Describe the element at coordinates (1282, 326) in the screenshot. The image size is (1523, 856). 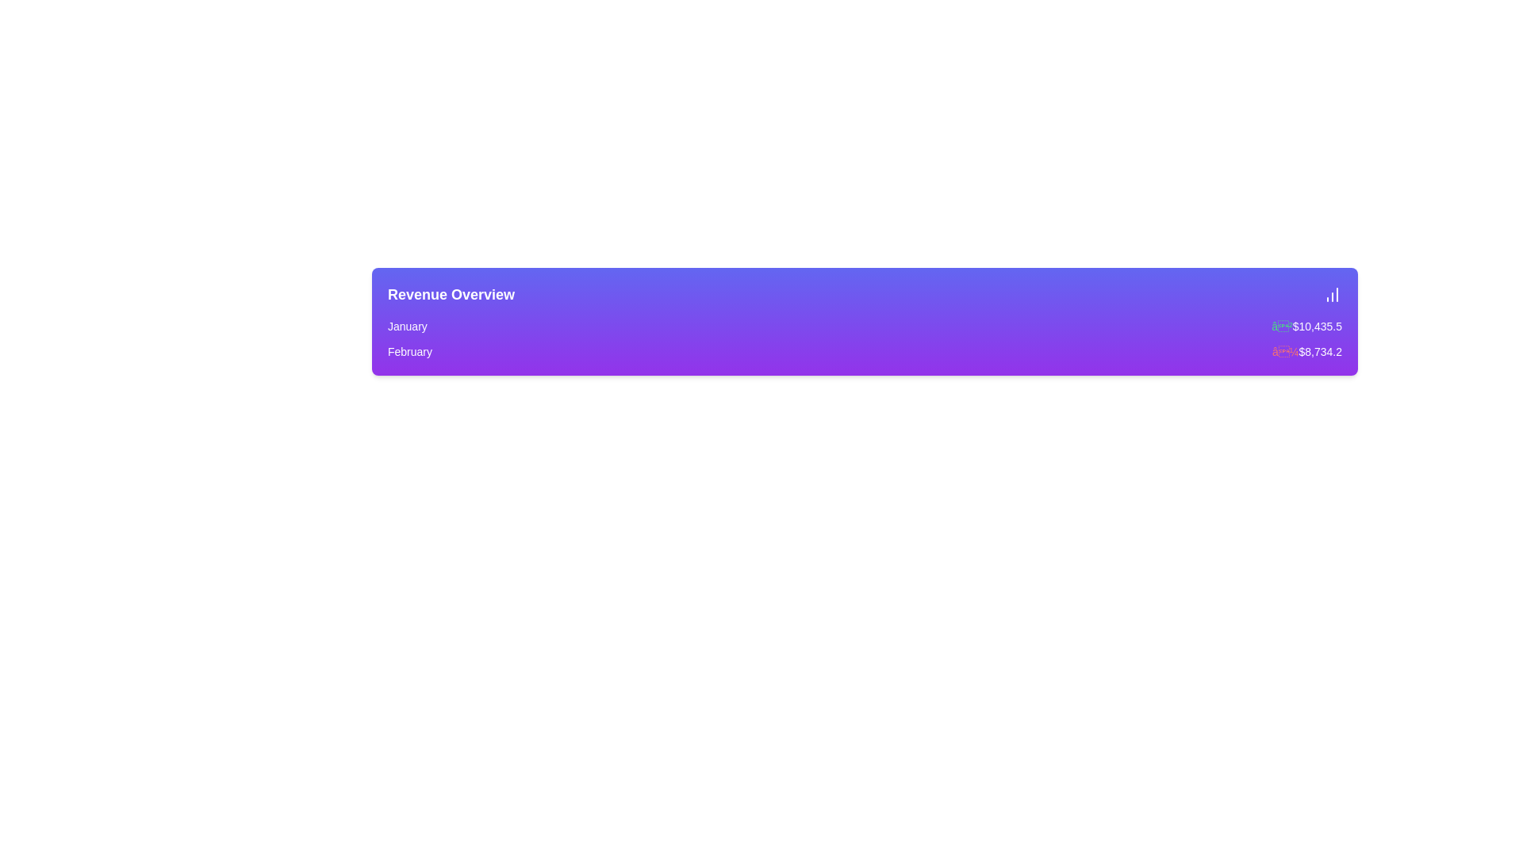
I see `the upward-pointing green arrow icon located to the left of the monetary value $10,435.5 in the top-right corner of the card layout` at that location.